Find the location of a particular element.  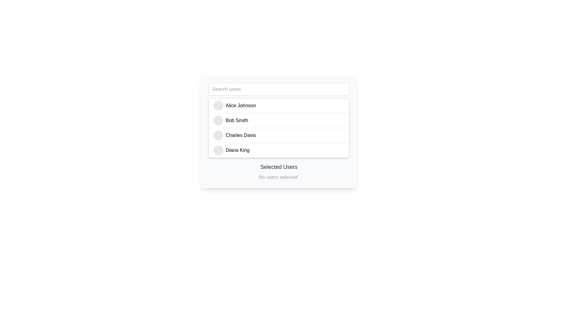

the list item displaying the name 'Bob Smith' to visualize additional information is located at coordinates (278, 120).